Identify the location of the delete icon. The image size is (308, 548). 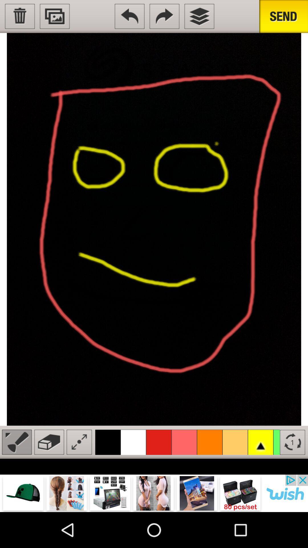
(19, 16).